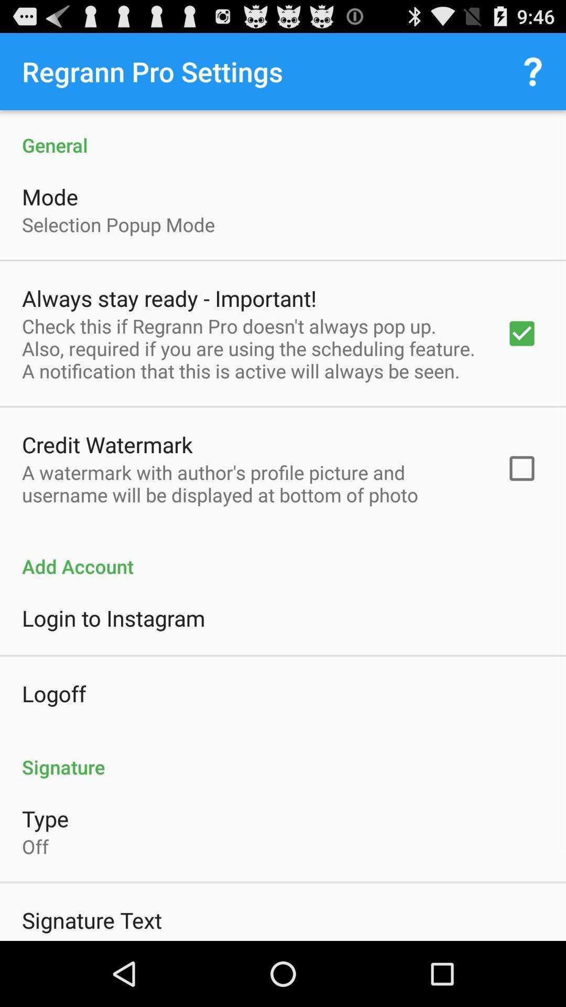 This screenshot has width=566, height=1007. What do you see at coordinates (45, 818) in the screenshot?
I see `icon above the off icon` at bounding box center [45, 818].